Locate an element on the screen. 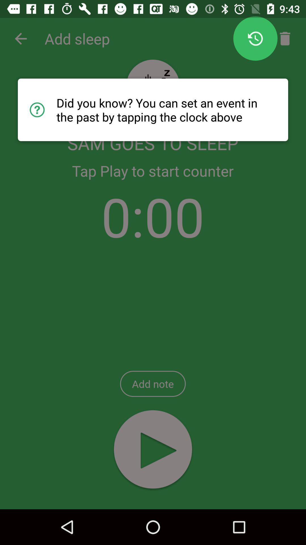 Image resolution: width=306 pixels, height=545 pixels. 0:00 icon is located at coordinates (152, 216).